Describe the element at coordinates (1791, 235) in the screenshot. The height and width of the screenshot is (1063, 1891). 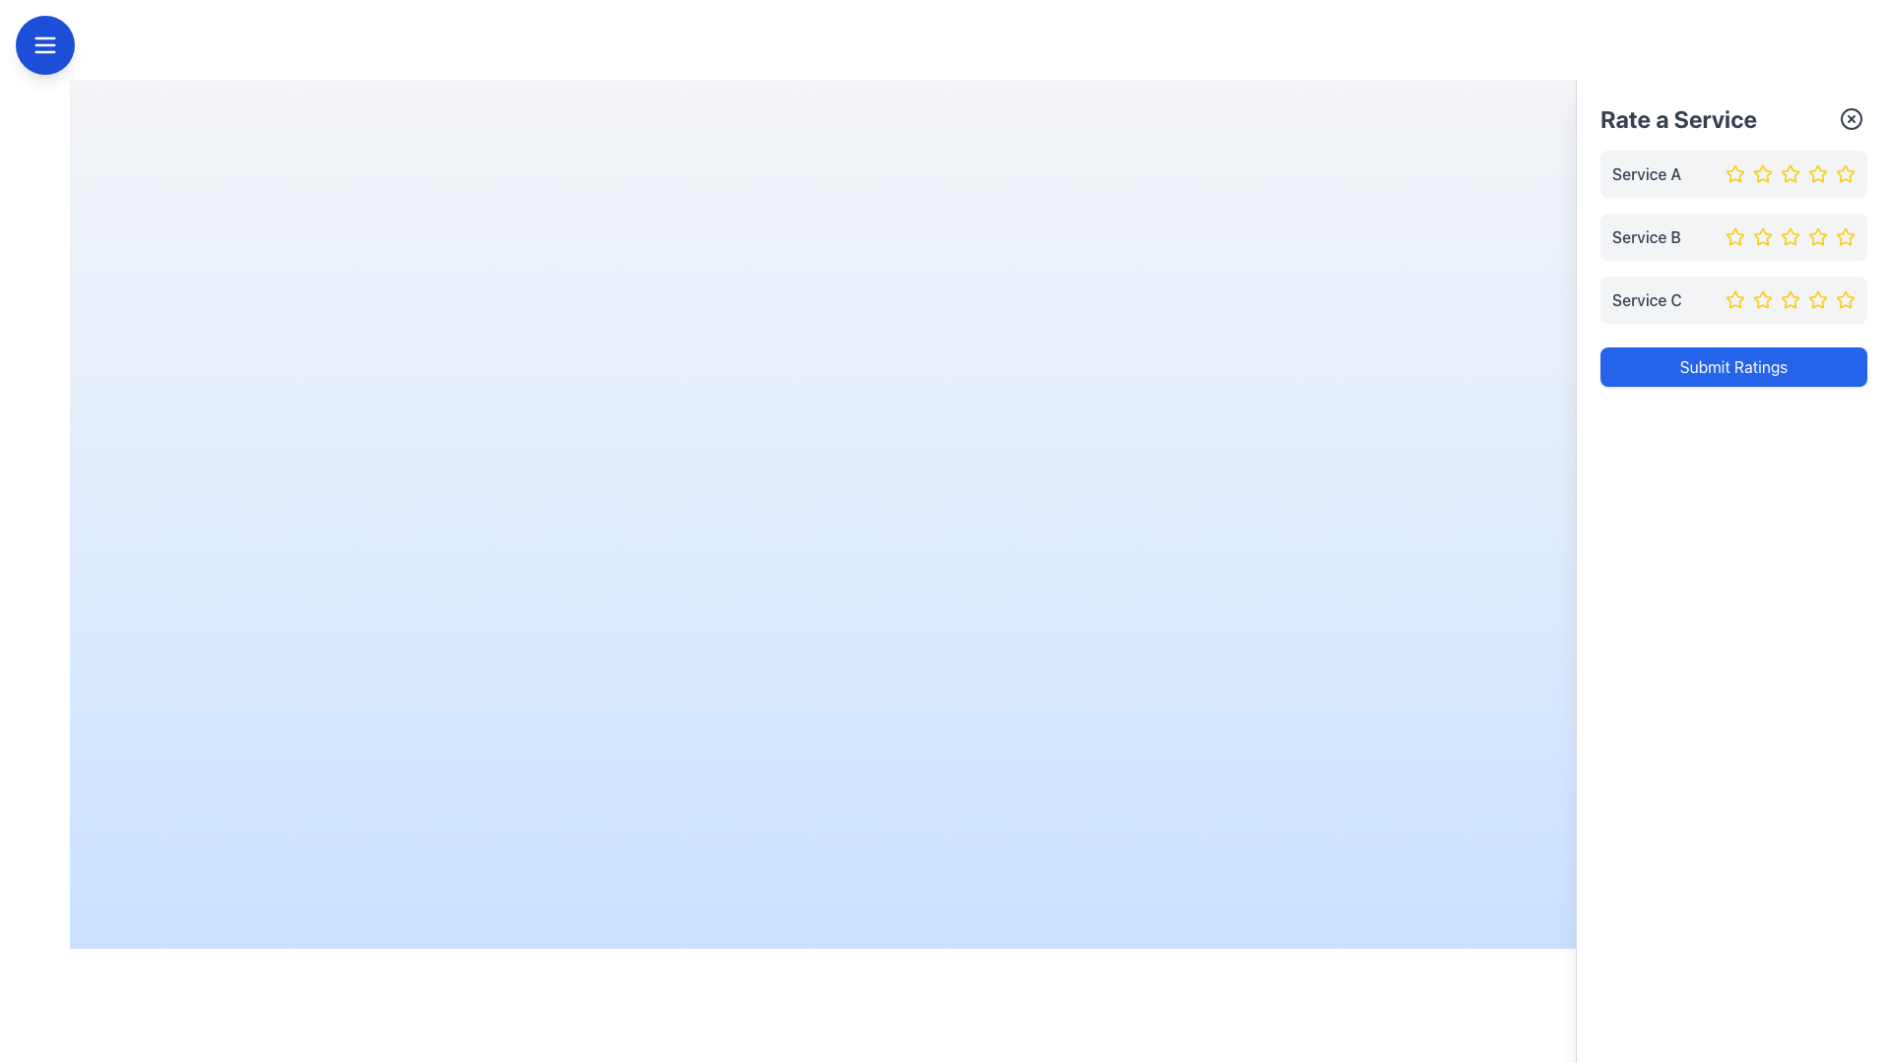
I see `the fourth star icon in the 'Rate a Service' section` at that location.